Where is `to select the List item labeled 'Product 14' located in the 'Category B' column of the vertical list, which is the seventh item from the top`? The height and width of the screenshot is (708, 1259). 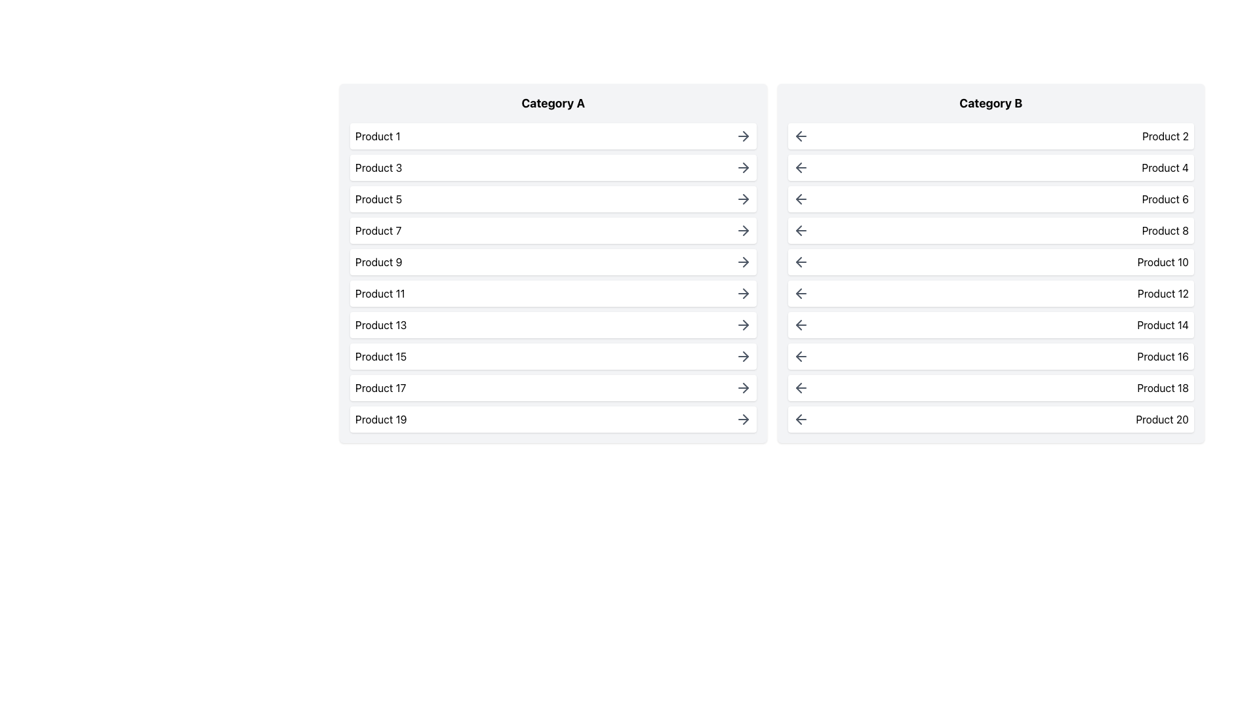 to select the List item labeled 'Product 14' located in the 'Category B' column of the vertical list, which is the seventh item from the top is located at coordinates (991, 324).